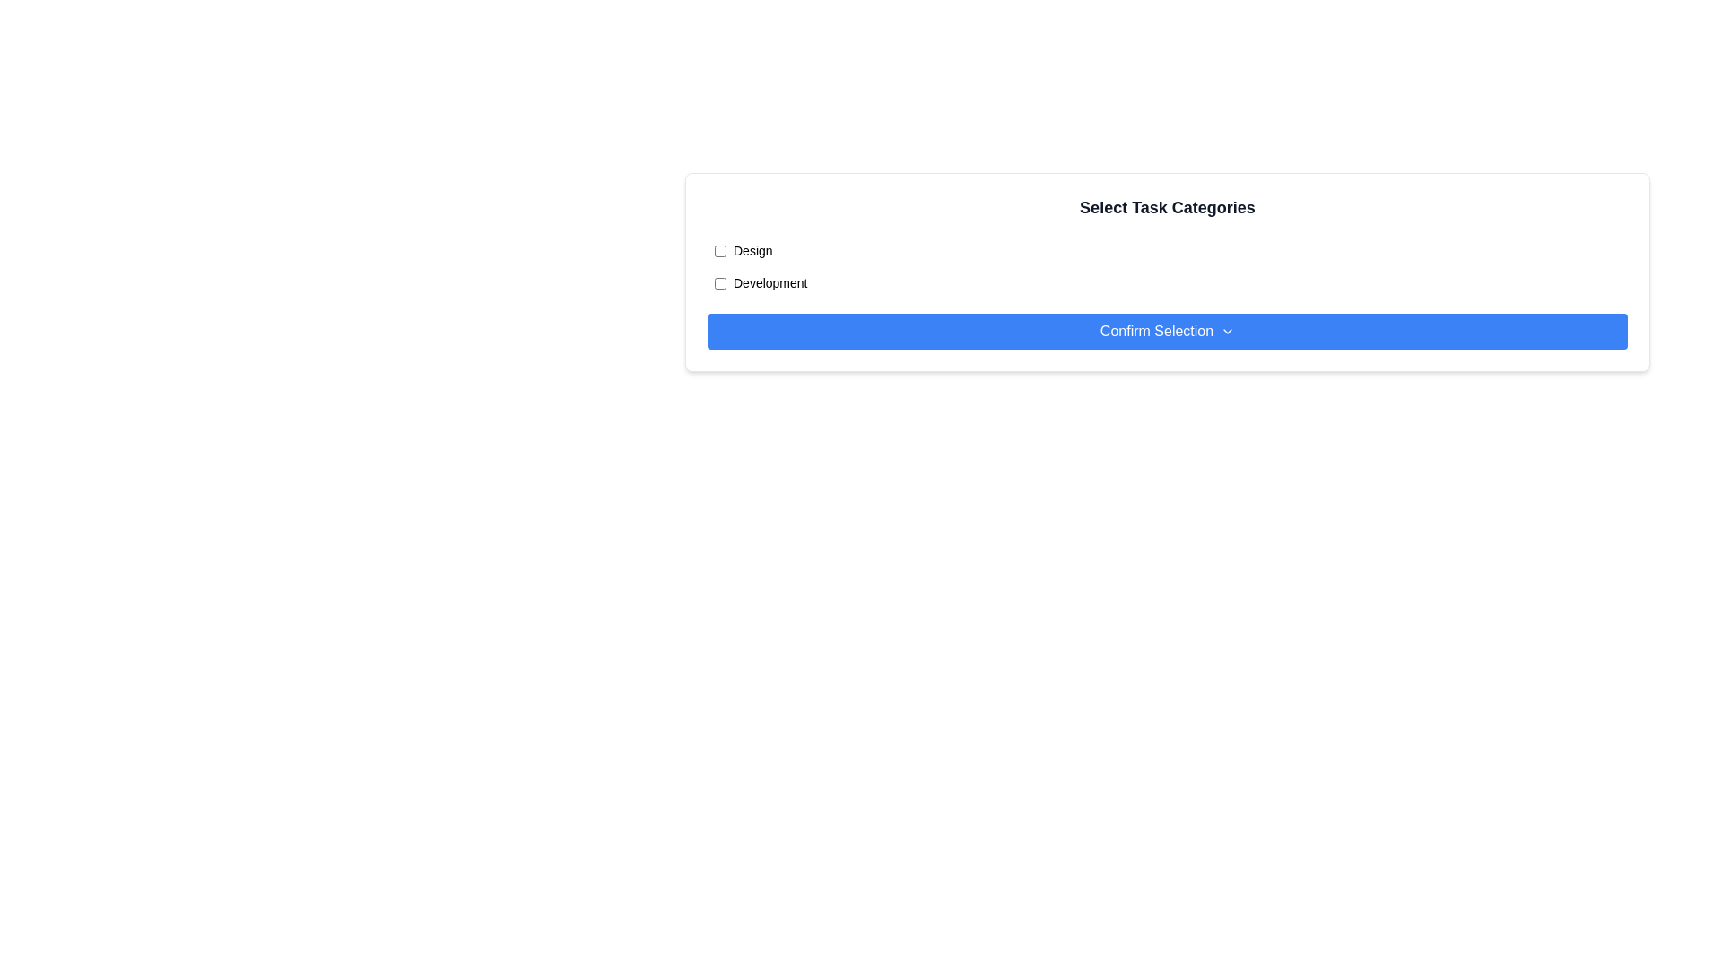 Image resolution: width=1722 pixels, height=968 pixels. Describe the element at coordinates (720, 251) in the screenshot. I see `the checkbox that allows users to select or deselect the 'Design' category for task selection, located in the leftmost position of a horizontal layout group near the top of a section listing task categories` at that location.